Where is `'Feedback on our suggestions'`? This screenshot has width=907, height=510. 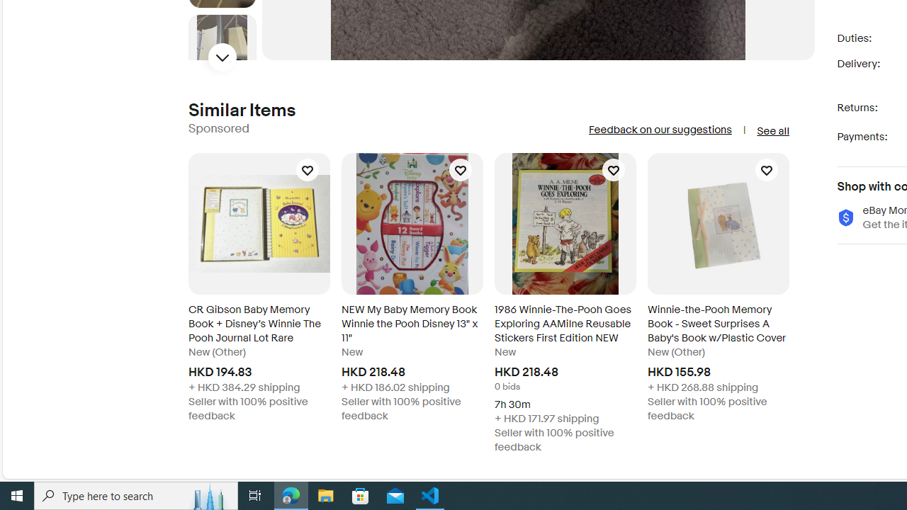
'Feedback on our suggestions' is located at coordinates (659, 130).